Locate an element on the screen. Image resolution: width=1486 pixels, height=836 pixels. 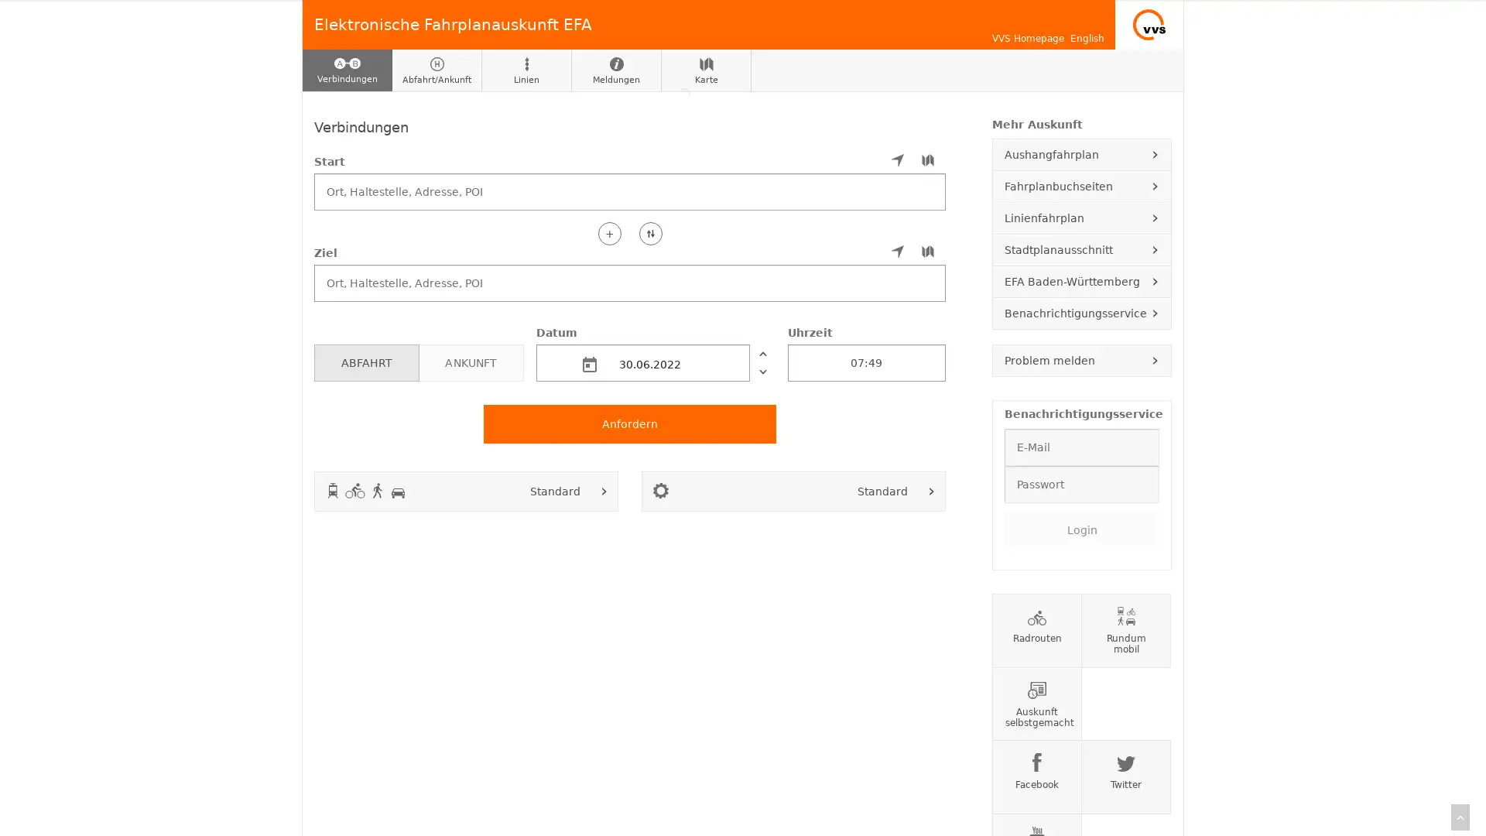
Linien is located at coordinates (527, 70).